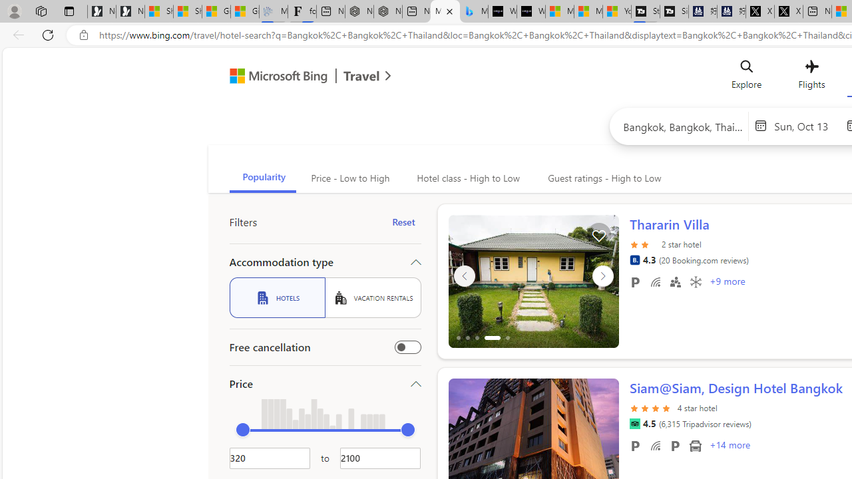 The height and width of the screenshot is (479, 852). Describe the element at coordinates (746, 78) in the screenshot. I see `'Explore'` at that location.